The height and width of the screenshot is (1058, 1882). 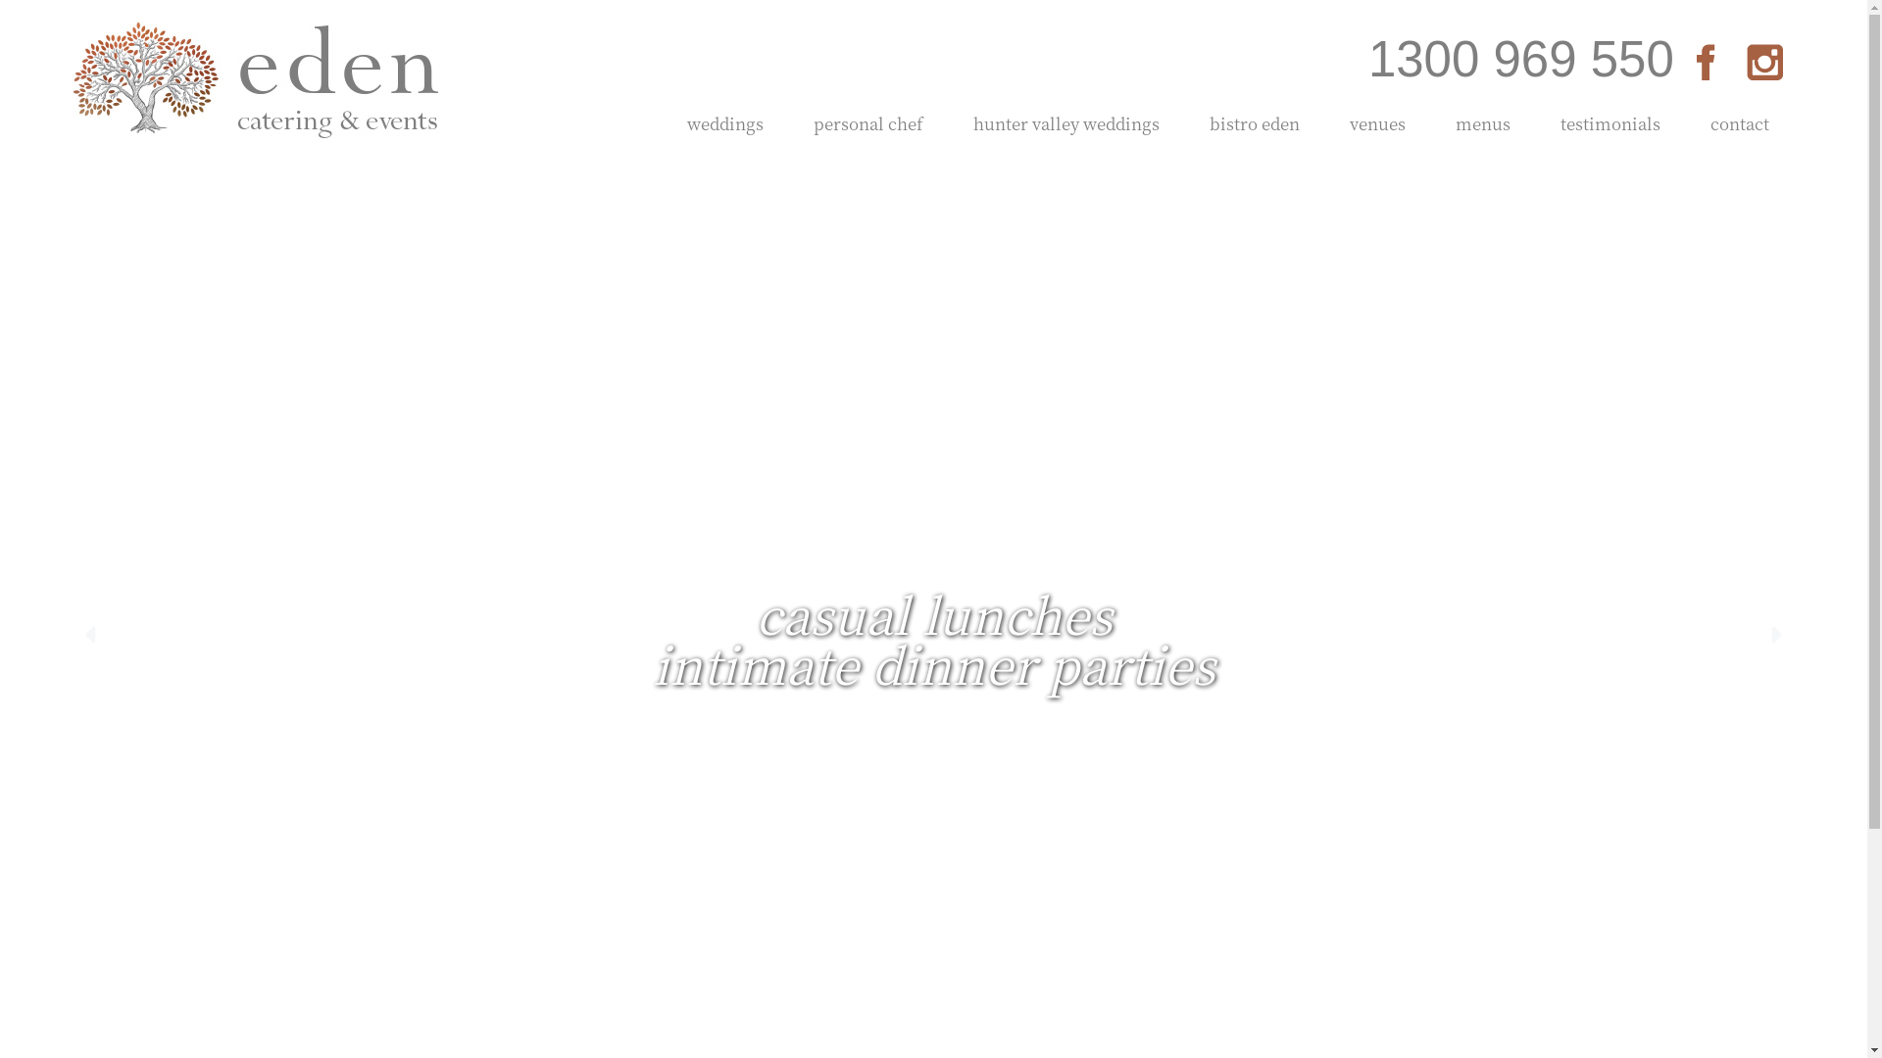 I want to click on 'Facebook', so click(x=1673, y=62).